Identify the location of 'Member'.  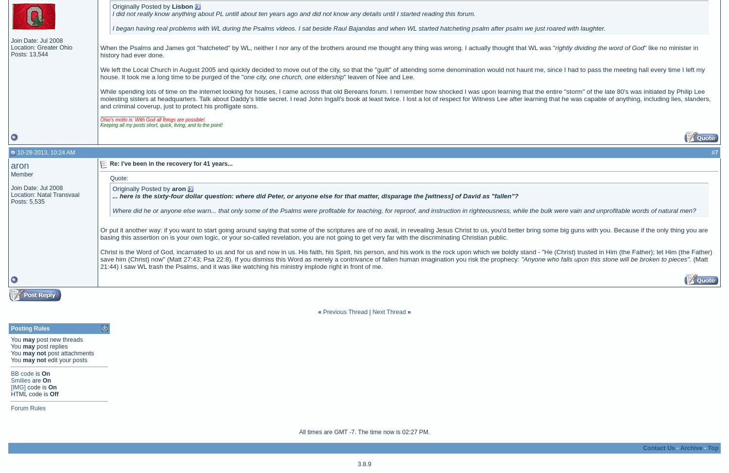
(22, 173).